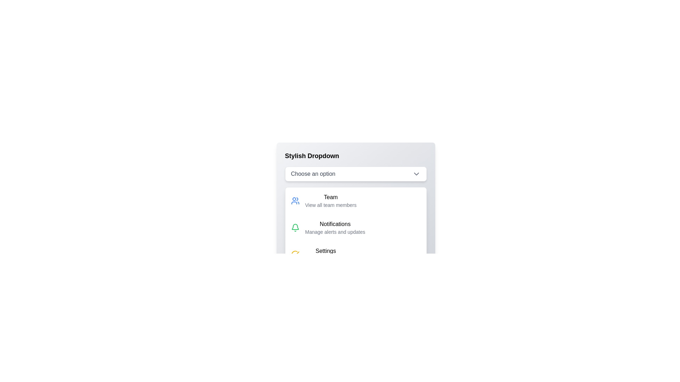 The height and width of the screenshot is (382, 680). I want to click on the text label in the dropdown menu that provides a title and description for the notification-related features, positioned between 'Team' and 'Settings', so click(335, 228).